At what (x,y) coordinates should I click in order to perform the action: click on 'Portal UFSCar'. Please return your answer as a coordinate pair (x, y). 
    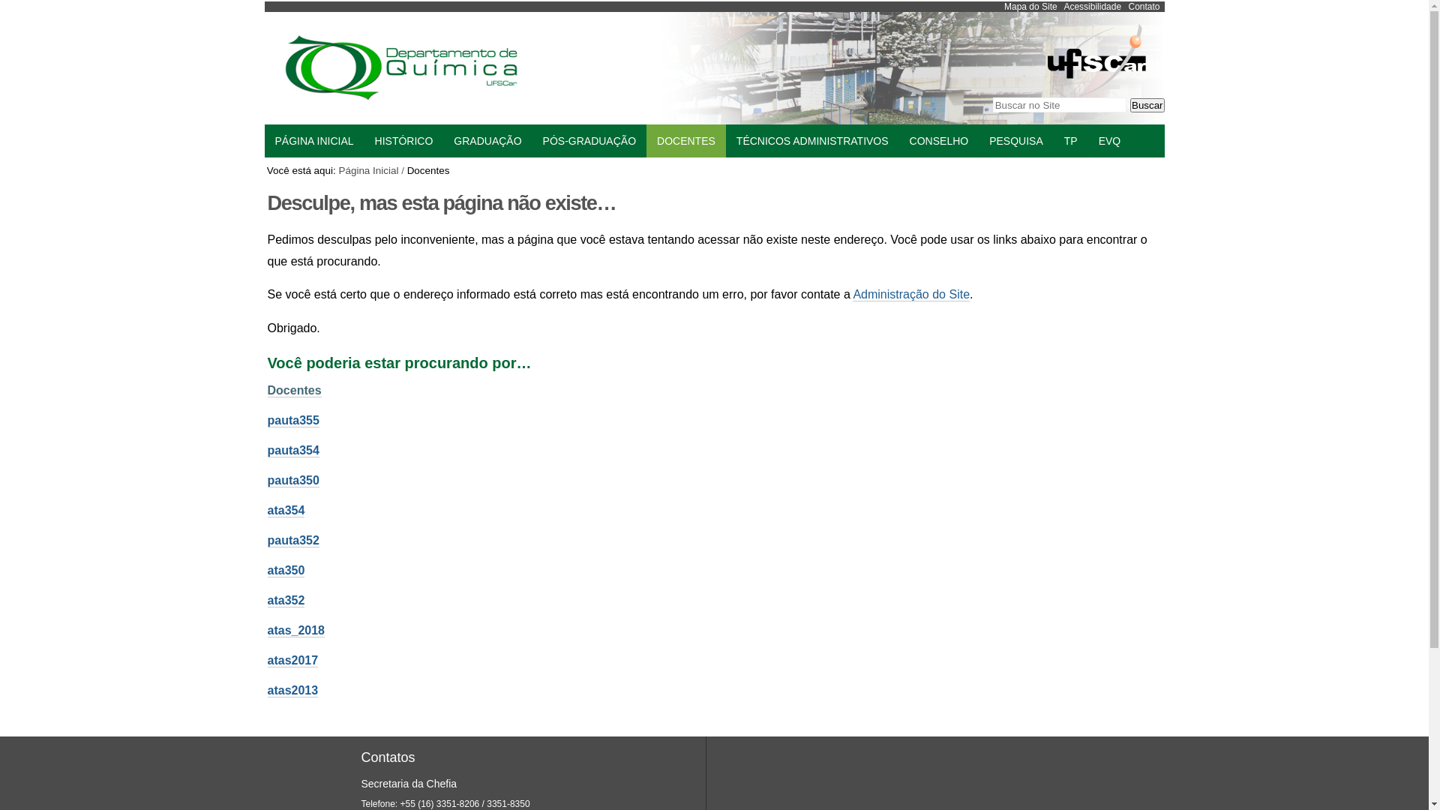
    Looking at the image, I should click on (1096, 91).